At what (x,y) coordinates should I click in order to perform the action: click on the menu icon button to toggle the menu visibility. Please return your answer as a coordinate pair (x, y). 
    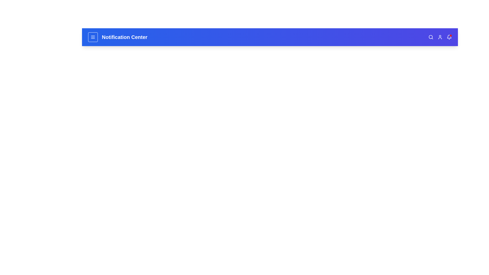
    Looking at the image, I should click on (93, 37).